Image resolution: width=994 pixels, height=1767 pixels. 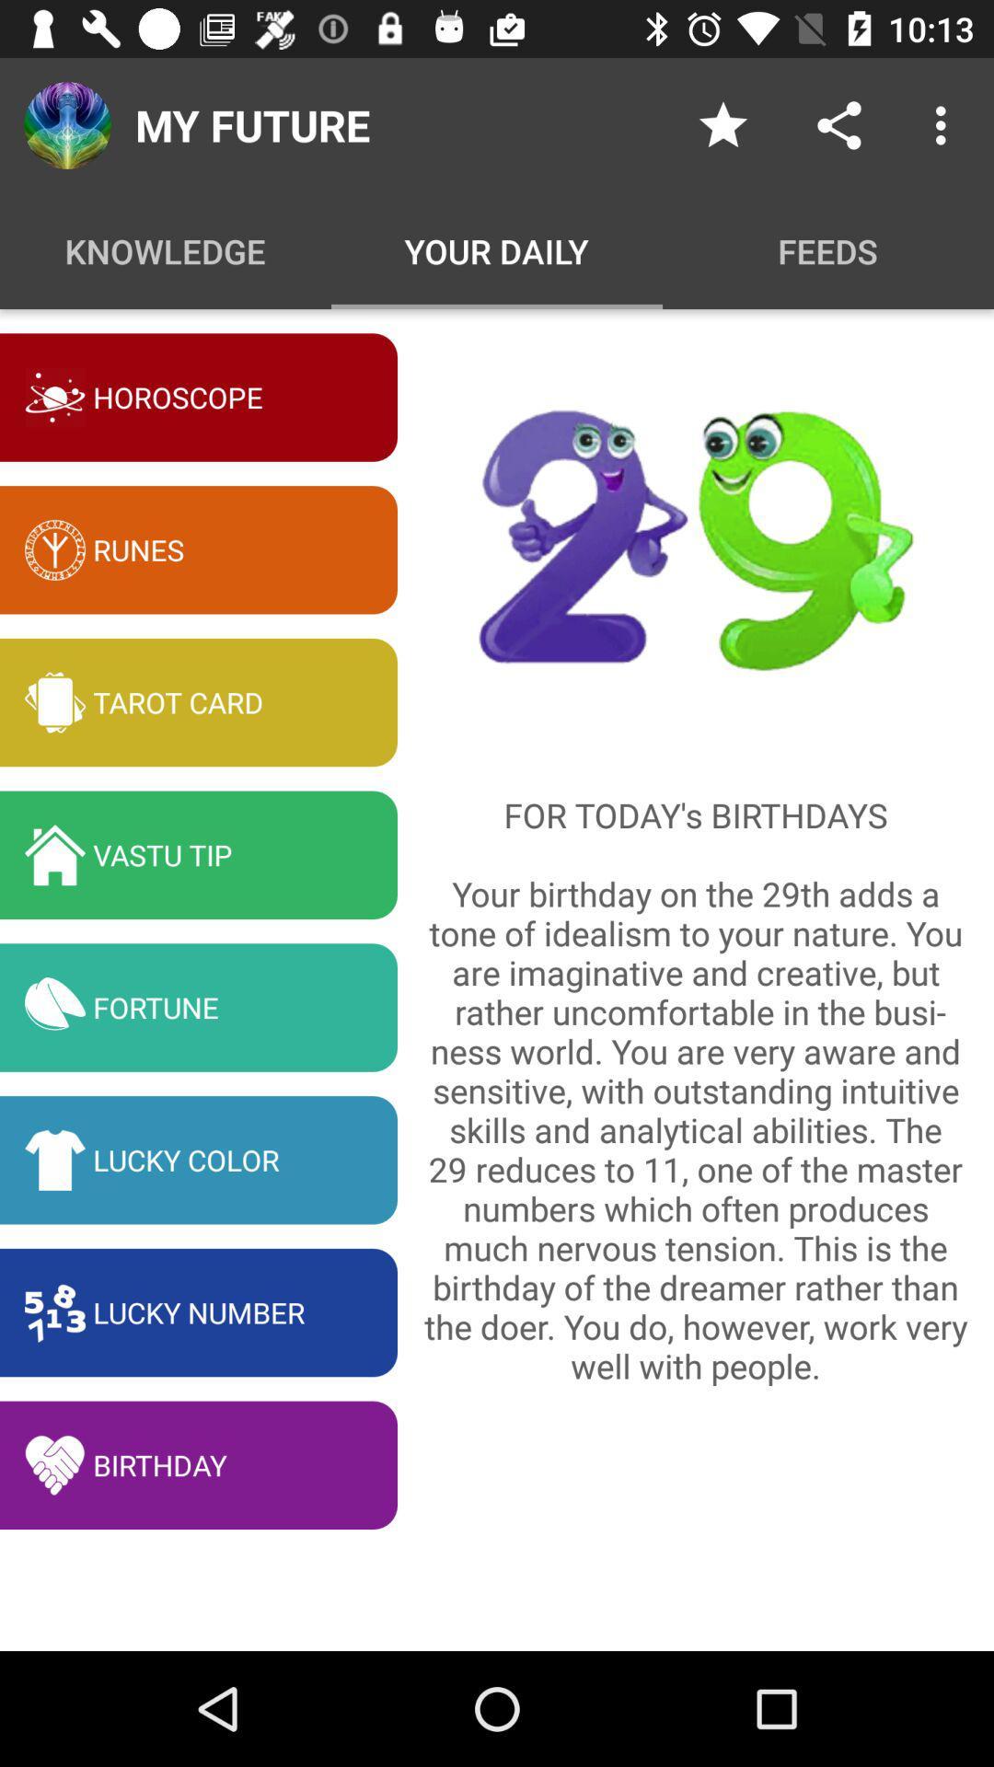 I want to click on sharing various things concerning the date, so click(x=838, y=124).